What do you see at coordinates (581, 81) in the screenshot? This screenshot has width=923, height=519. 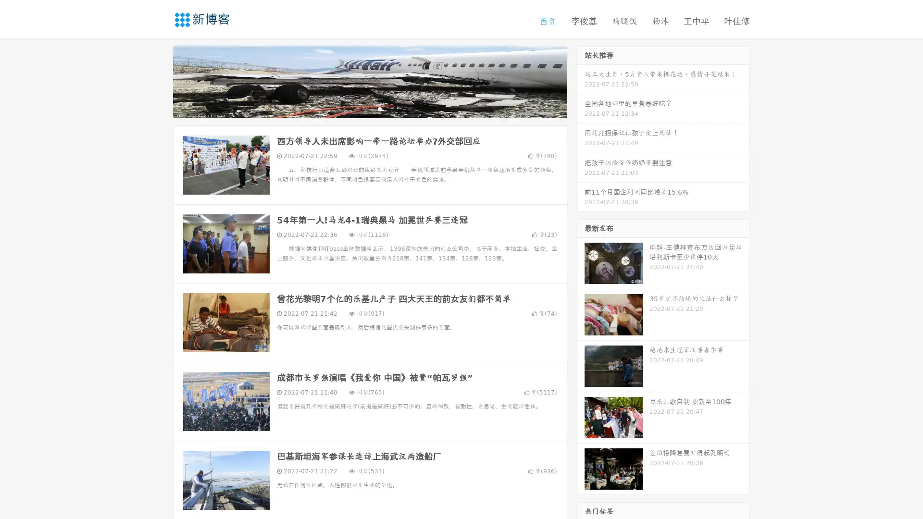 I see `Next slide` at bounding box center [581, 81].